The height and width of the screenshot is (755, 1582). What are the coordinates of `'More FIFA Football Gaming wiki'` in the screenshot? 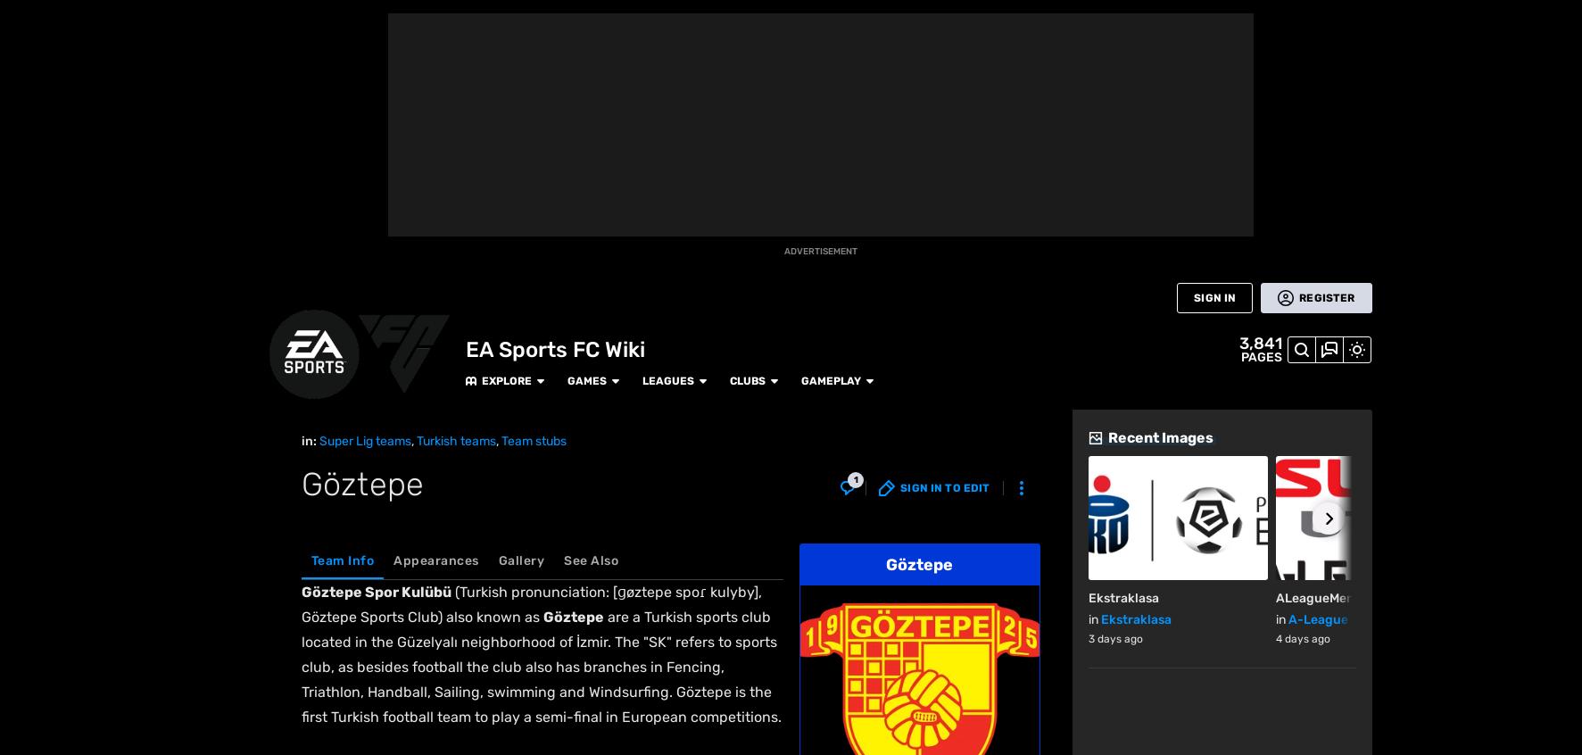 It's located at (439, 399).